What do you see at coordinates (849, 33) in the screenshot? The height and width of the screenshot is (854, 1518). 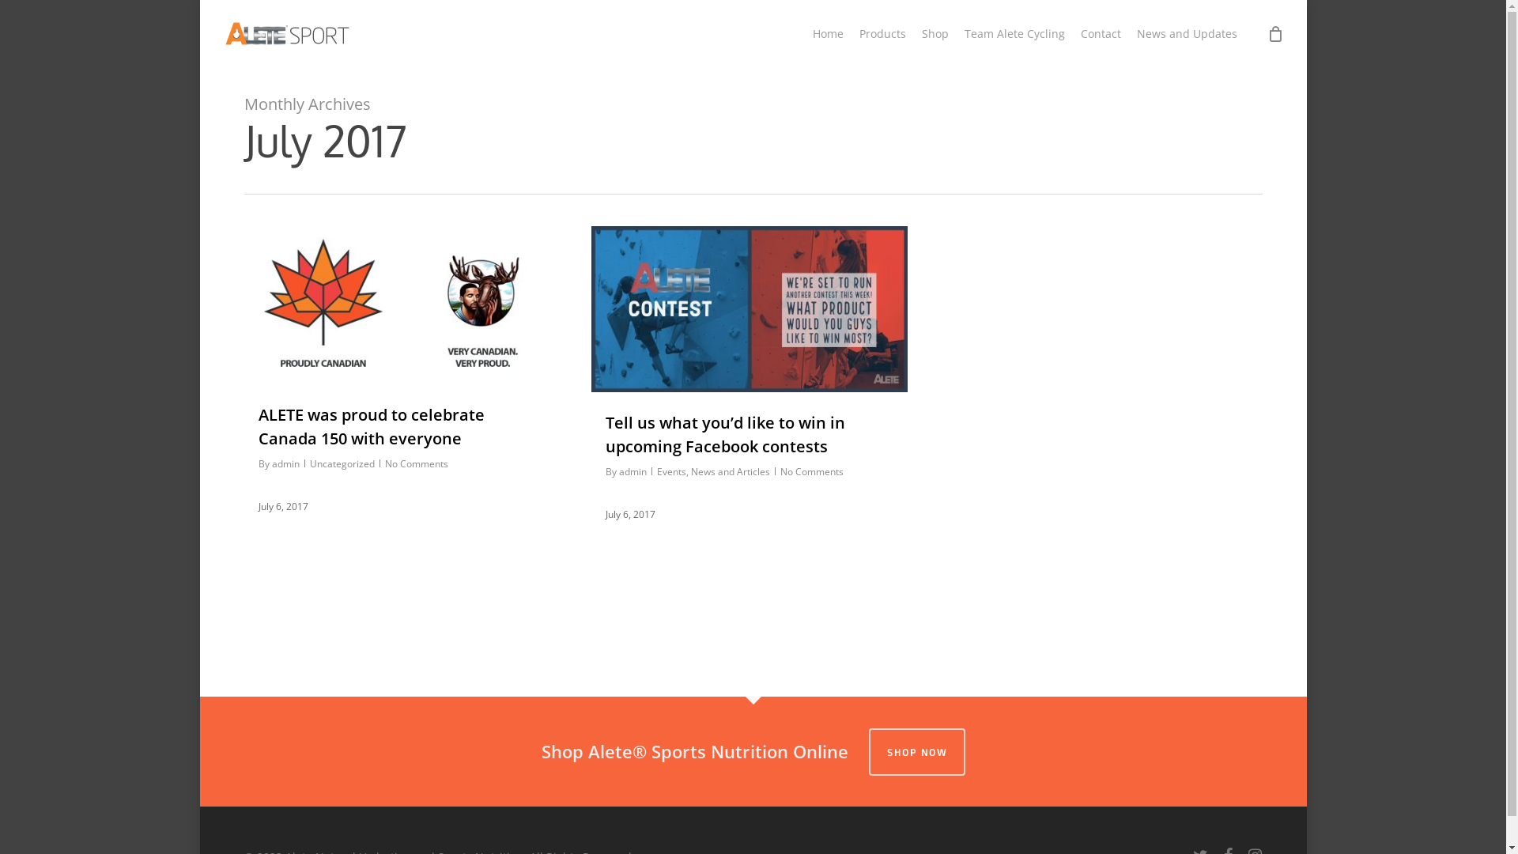 I see `'Products'` at bounding box center [849, 33].